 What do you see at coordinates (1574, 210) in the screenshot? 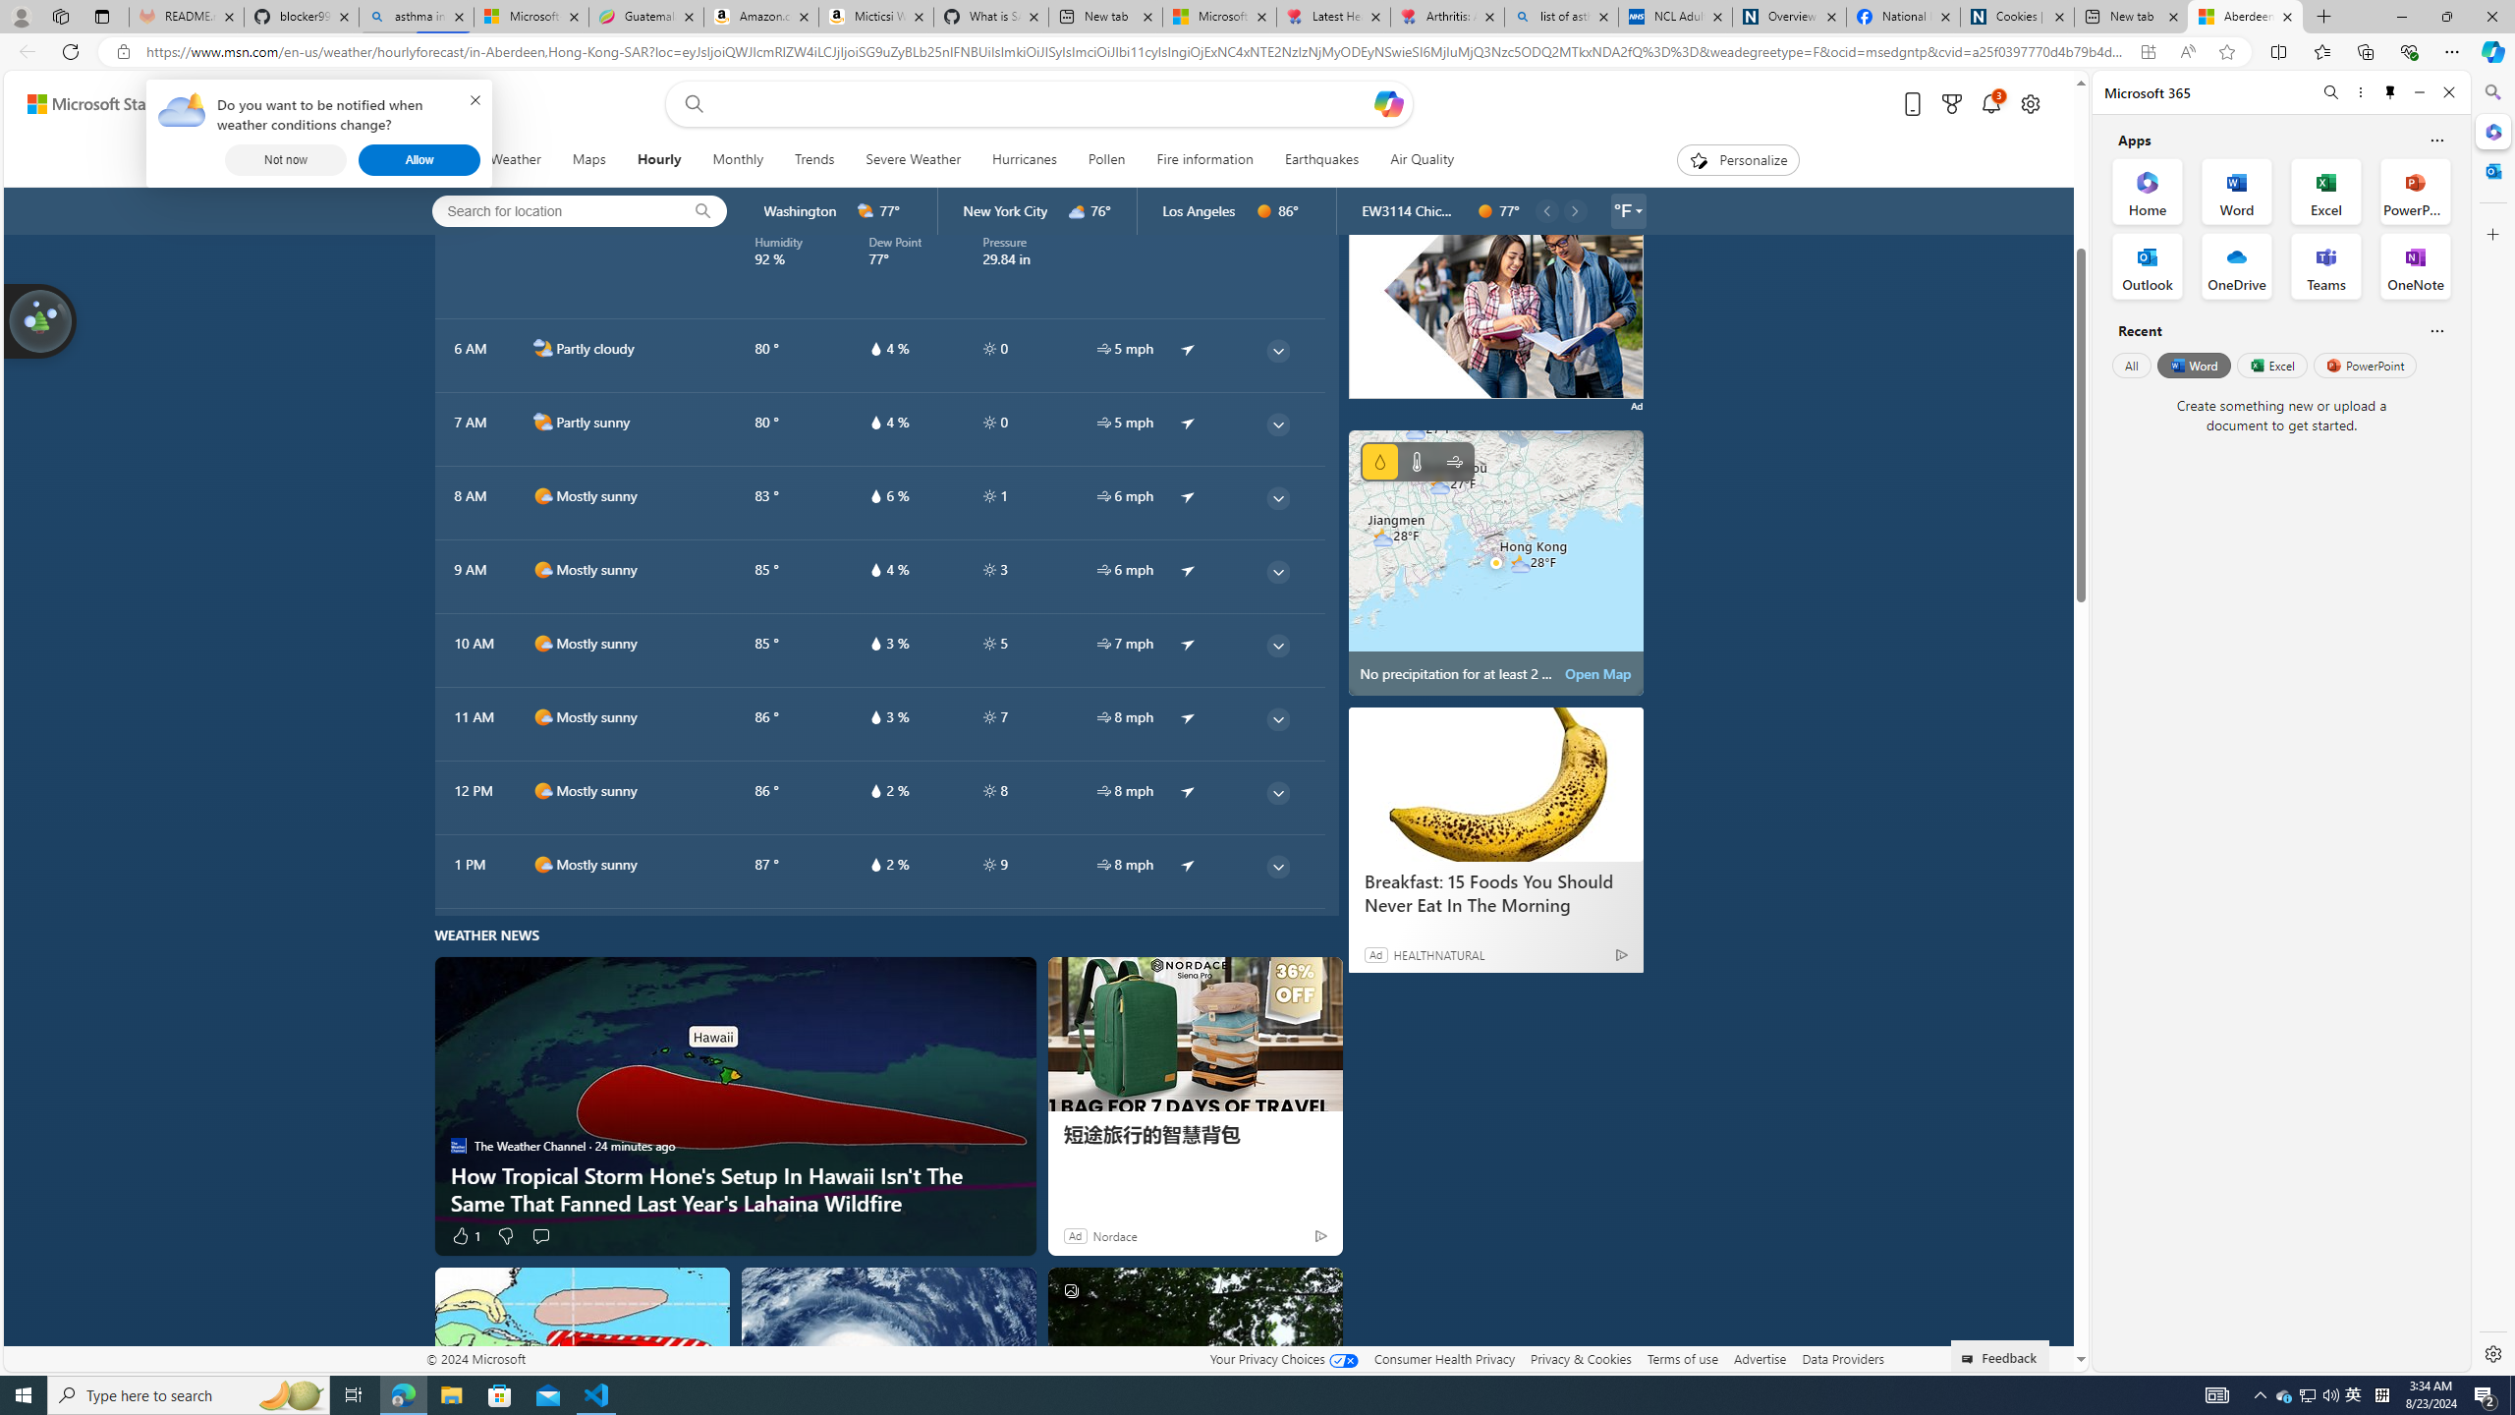
I see `'common/carouselChevron'` at bounding box center [1574, 210].